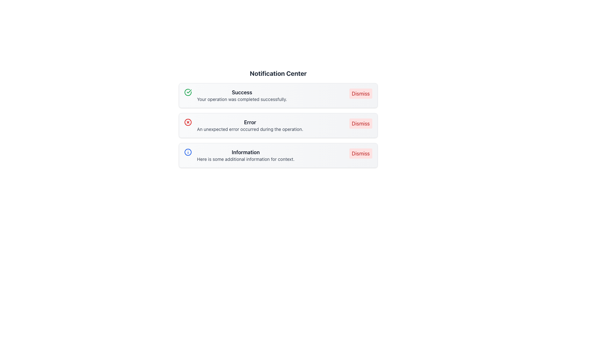 This screenshot has width=612, height=344. What do you see at coordinates (189, 91) in the screenshot?
I see `the success status icon located inside the first notification card in the 'Notification Center', positioned to the left of the notification message` at bounding box center [189, 91].